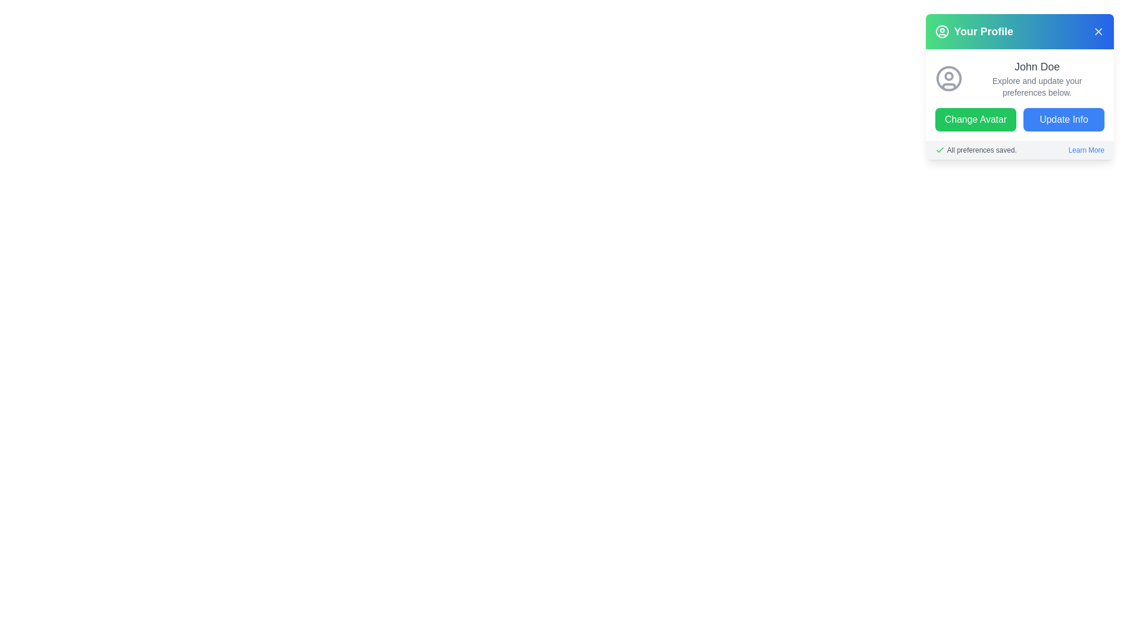 Image resolution: width=1128 pixels, height=634 pixels. What do you see at coordinates (982, 149) in the screenshot?
I see `the confirmation message text label located at the bottom-left area of the profile card, adjacent to the green checkmark icon` at bounding box center [982, 149].